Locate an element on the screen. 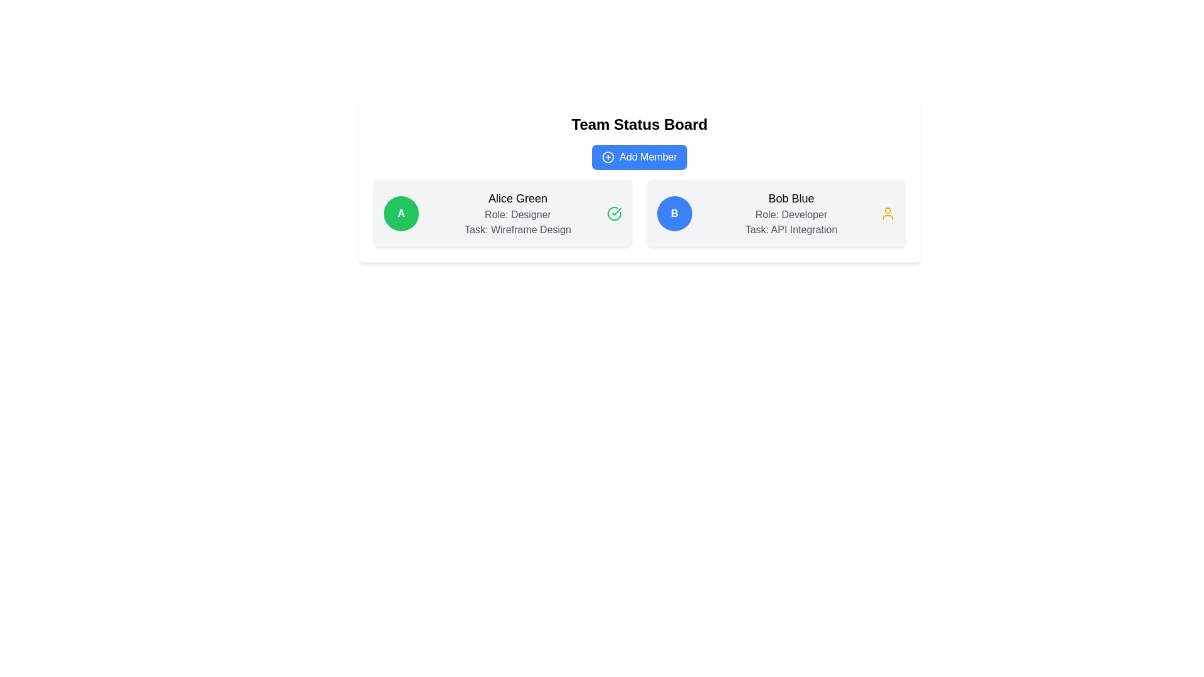  the user profile icon located in the upper right corner of the 'Bob Blue' card is located at coordinates (887, 213).